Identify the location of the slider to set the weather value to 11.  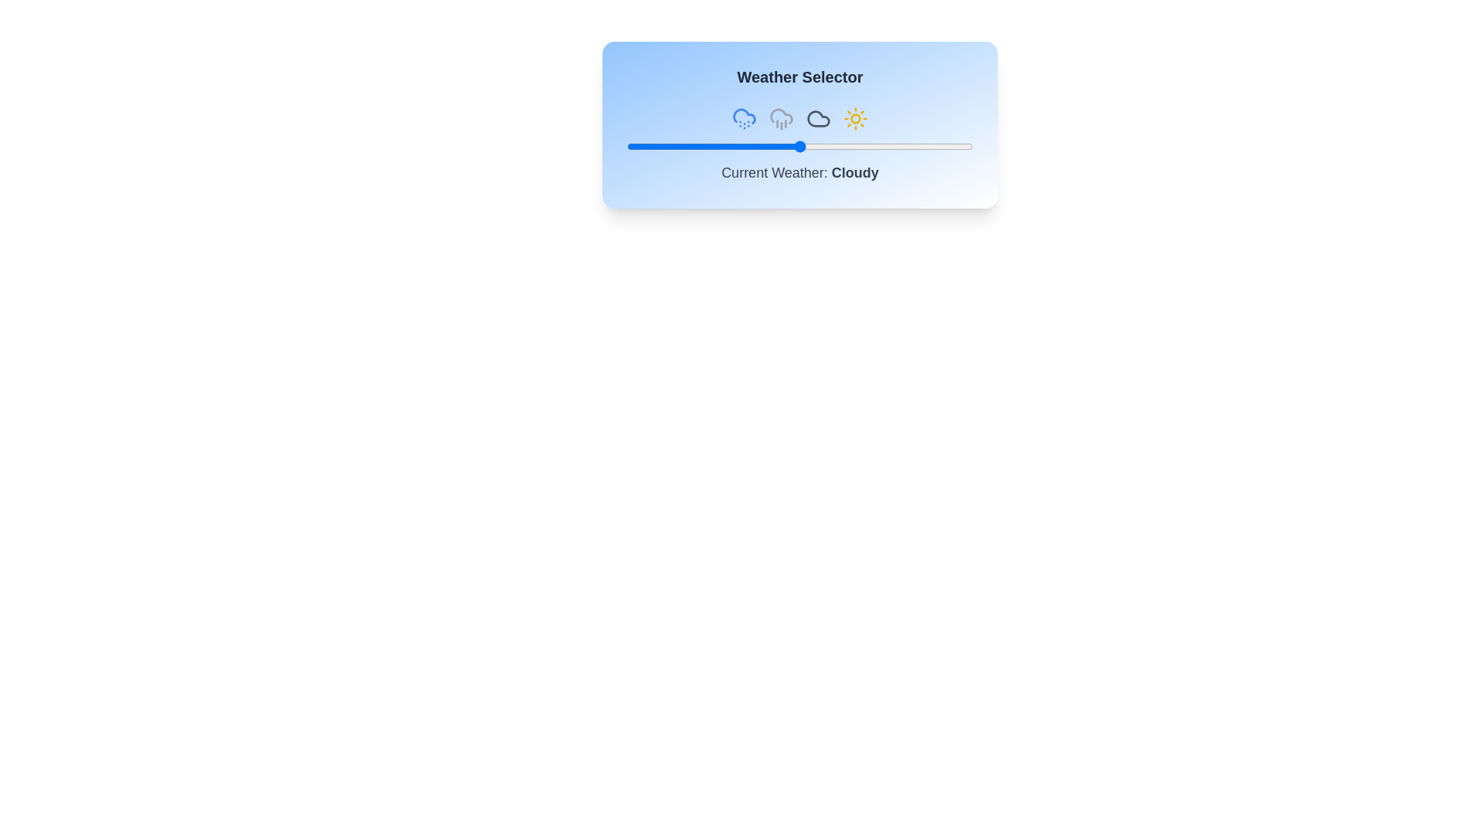
(665, 146).